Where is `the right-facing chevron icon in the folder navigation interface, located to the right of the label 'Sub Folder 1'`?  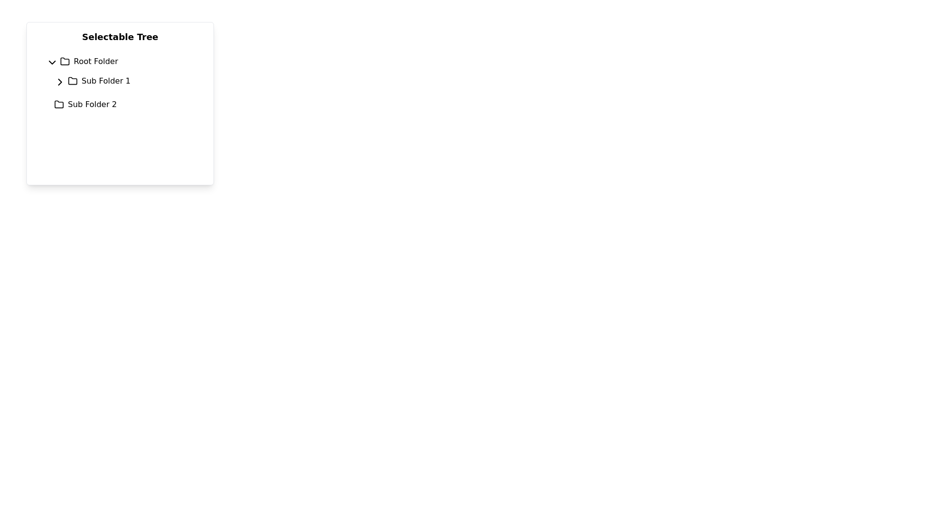 the right-facing chevron icon in the folder navigation interface, located to the right of the label 'Sub Folder 1' is located at coordinates (60, 82).